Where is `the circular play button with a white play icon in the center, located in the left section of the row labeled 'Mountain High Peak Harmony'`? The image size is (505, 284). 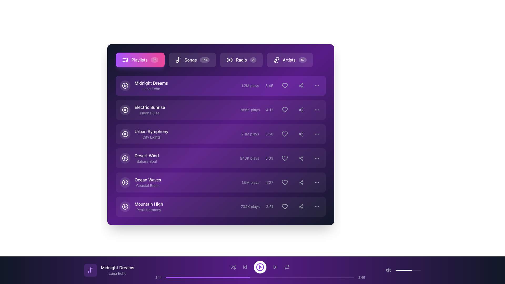
the circular play button with a white play icon in the center, located in the left section of the row labeled 'Mountain High Peak Harmony' is located at coordinates (125, 206).